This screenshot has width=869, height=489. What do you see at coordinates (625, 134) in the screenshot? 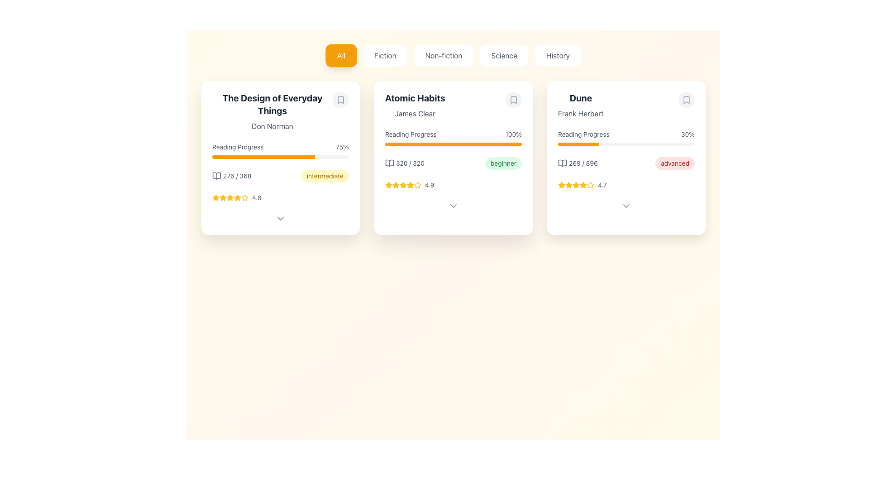
I see `the textual portions of the 'Reading Progress' element` at bounding box center [625, 134].